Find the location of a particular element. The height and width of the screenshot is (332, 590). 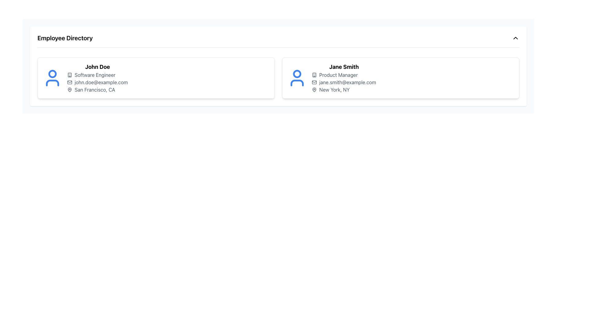

the location pin icon located in the bottom-left segment of John Doe's information card, aligned with 'San Francisco, CA.' is located at coordinates (69, 89).